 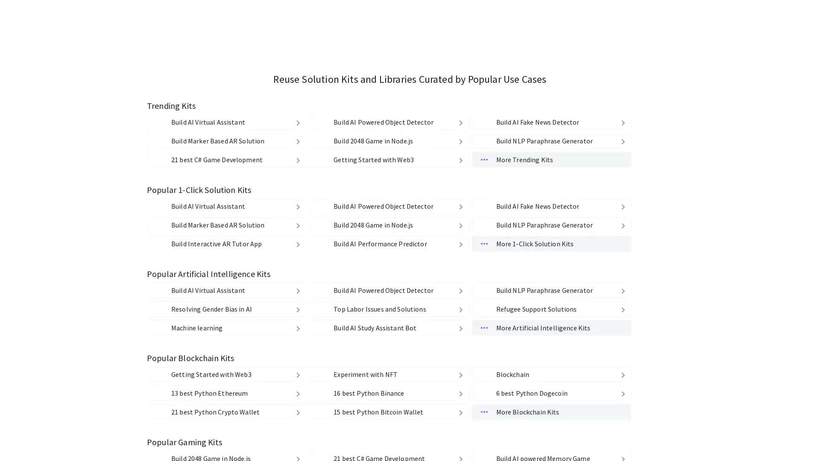 What do you see at coordinates (225, 251) in the screenshot?
I see `Weak Copyleft` at bounding box center [225, 251].